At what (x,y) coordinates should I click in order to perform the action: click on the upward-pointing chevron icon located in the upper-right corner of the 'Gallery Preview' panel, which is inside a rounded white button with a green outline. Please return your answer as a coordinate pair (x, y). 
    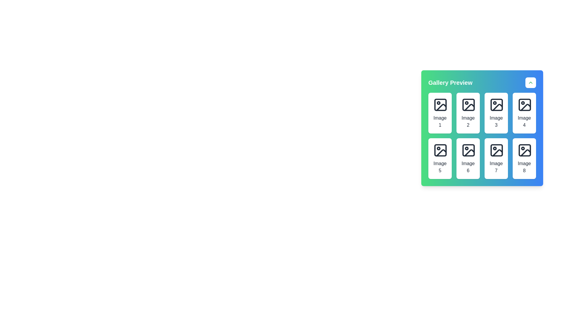
    Looking at the image, I should click on (531, 83).